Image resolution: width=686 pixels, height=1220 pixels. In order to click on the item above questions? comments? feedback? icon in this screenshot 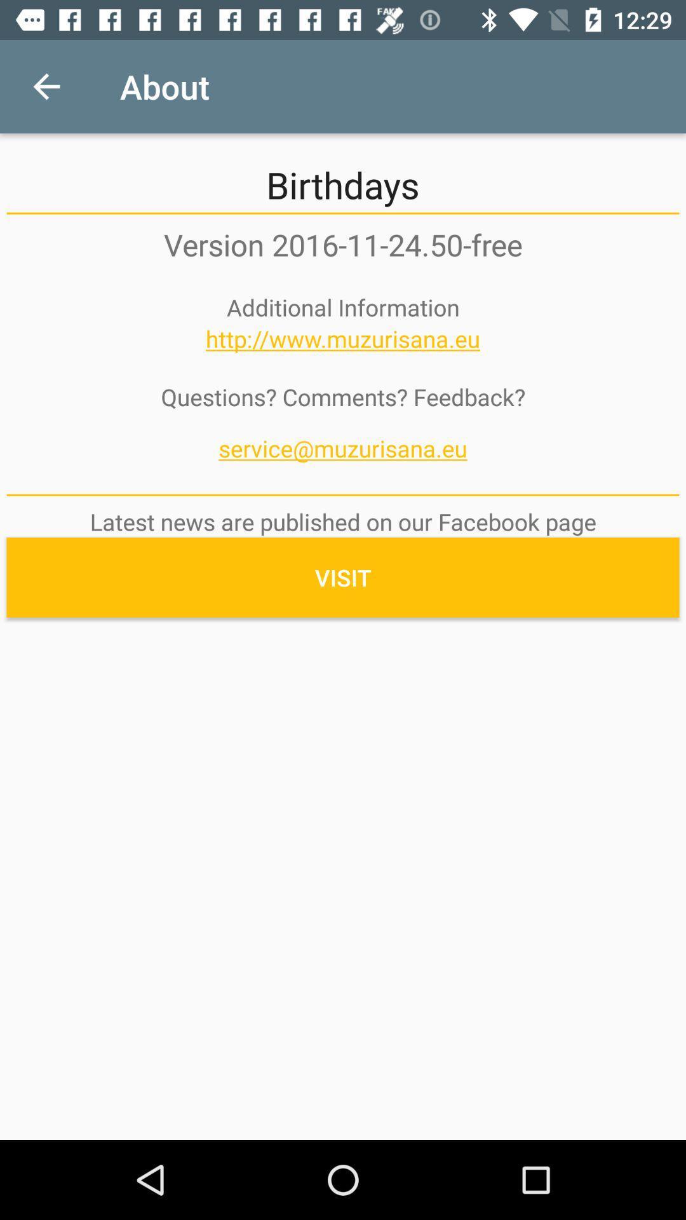, I will do `click(343, 339)`.